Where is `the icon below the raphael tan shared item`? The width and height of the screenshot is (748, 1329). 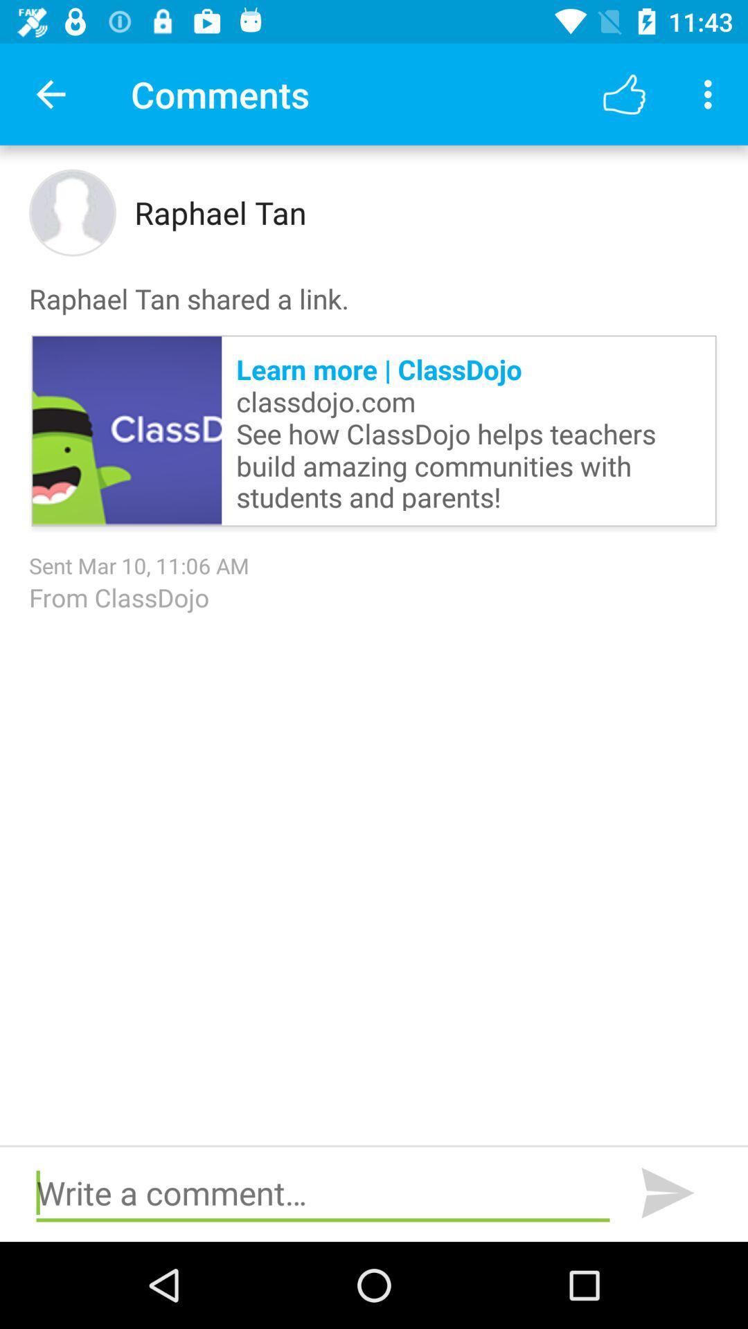
the icon below the raphael tan shared item is located at coordinates (467, 430).